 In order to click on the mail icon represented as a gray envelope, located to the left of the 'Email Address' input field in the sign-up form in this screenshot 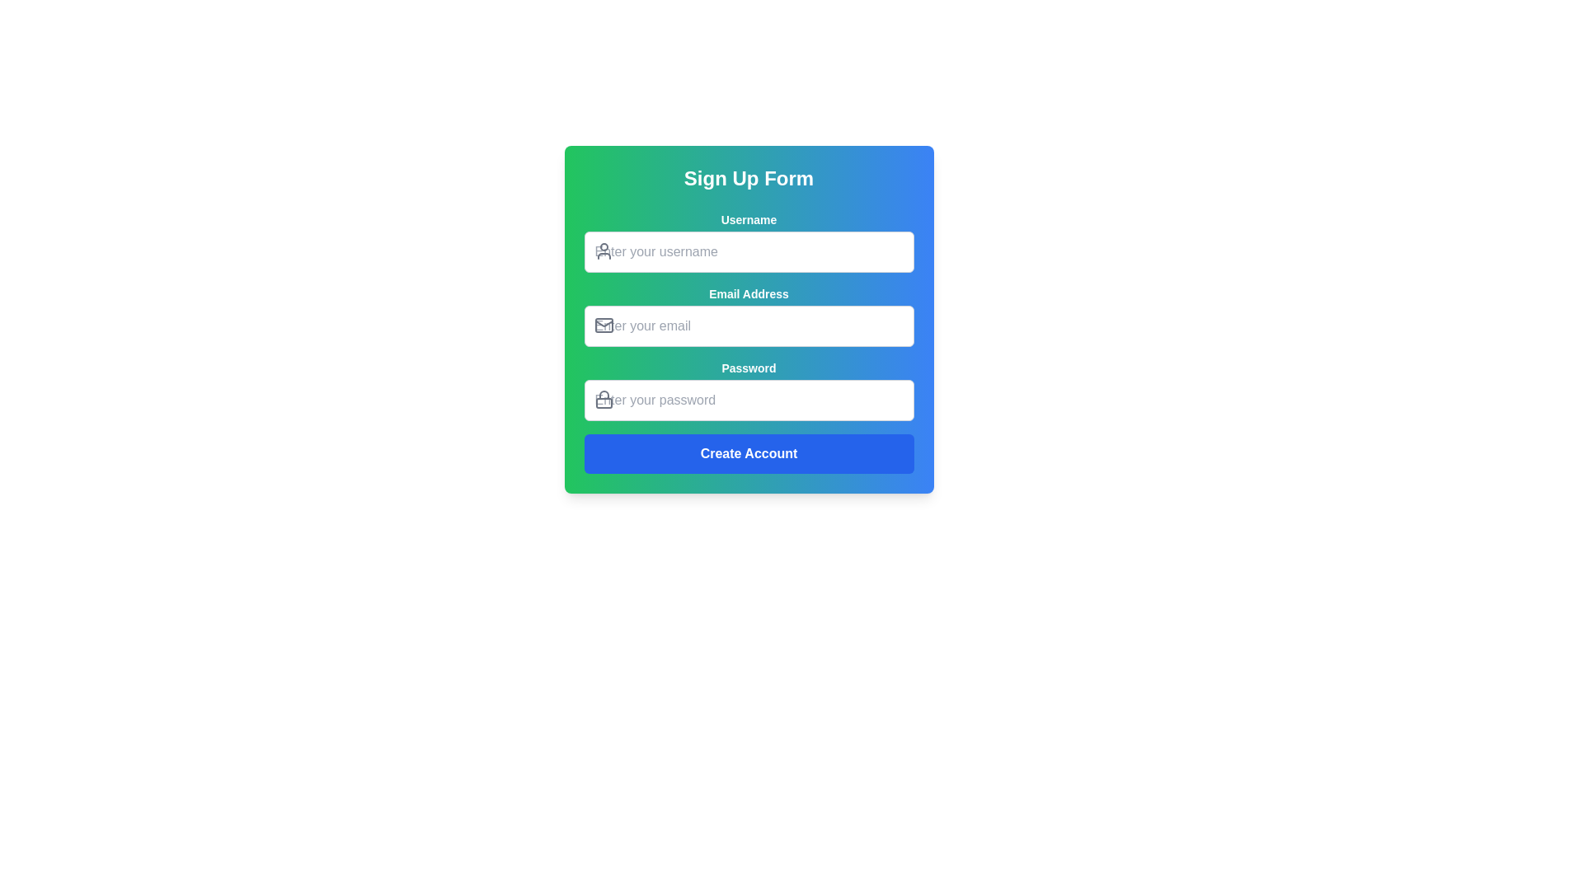, I will do `click(603, 325)`.